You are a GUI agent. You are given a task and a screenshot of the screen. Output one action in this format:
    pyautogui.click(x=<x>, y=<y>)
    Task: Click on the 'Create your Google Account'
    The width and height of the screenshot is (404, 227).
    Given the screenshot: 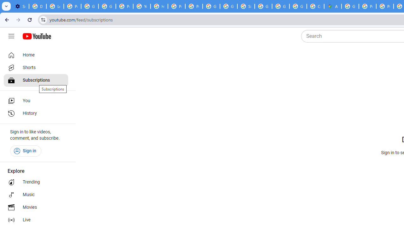 What is the action you would take?
    pyautogui.click(x=315, y=6)
    